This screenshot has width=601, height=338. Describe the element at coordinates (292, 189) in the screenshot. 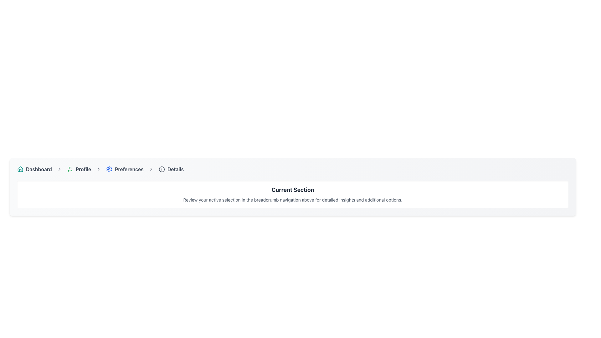

I see `the Text Label that indicates the current section or context the user is browsing, which is centrally aligned above the descriptive text` at that location.